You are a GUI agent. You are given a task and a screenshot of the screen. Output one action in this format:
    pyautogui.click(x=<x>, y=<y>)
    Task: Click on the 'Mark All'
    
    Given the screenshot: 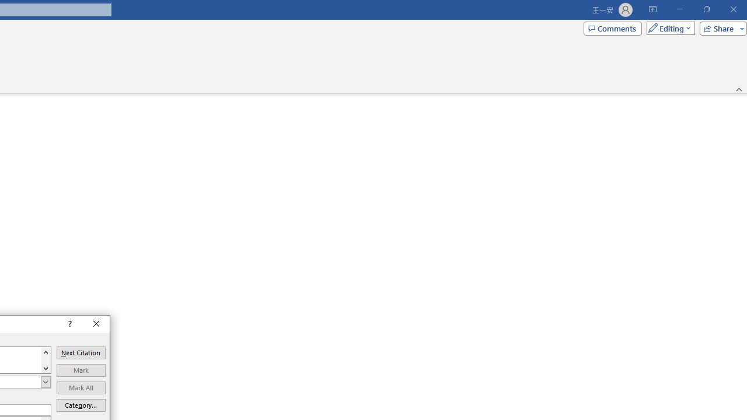 What is the action you would take?
    pyautogui.click(x=80, y=387)
    